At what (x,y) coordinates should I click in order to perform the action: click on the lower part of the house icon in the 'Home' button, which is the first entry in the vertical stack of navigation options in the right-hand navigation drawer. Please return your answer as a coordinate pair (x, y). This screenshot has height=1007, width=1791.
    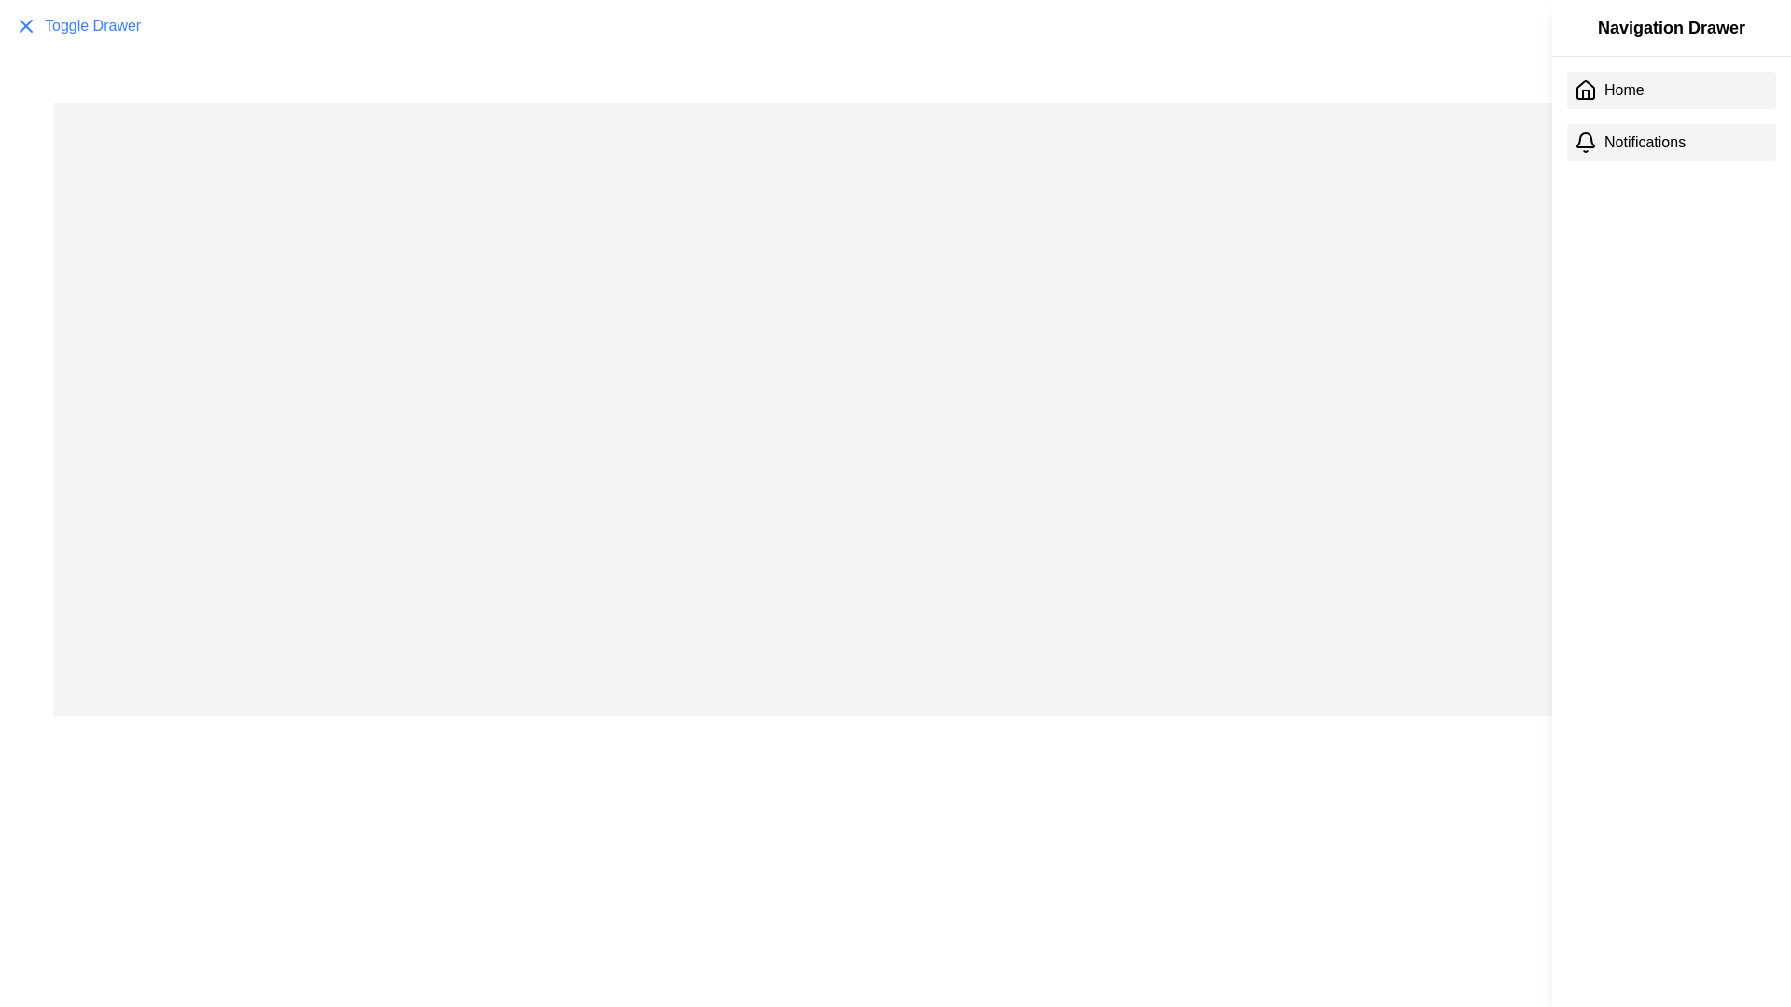
    Looking at the image, I should click on (1584, 90).